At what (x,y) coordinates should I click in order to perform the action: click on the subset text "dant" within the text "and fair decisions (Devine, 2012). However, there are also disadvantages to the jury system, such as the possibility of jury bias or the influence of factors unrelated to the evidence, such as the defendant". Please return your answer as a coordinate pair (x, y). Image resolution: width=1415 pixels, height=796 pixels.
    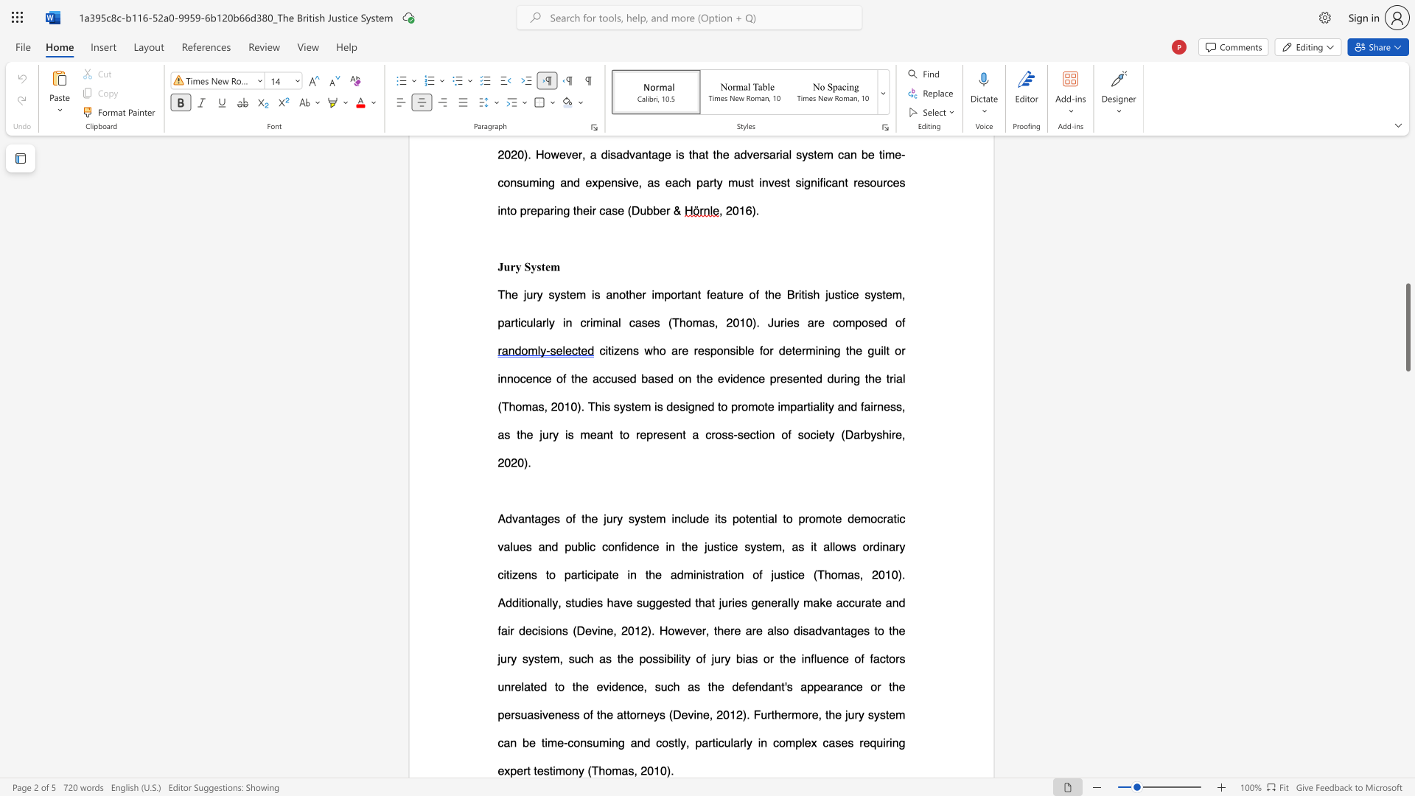
    Looking at the image, I should click on (761, 686).